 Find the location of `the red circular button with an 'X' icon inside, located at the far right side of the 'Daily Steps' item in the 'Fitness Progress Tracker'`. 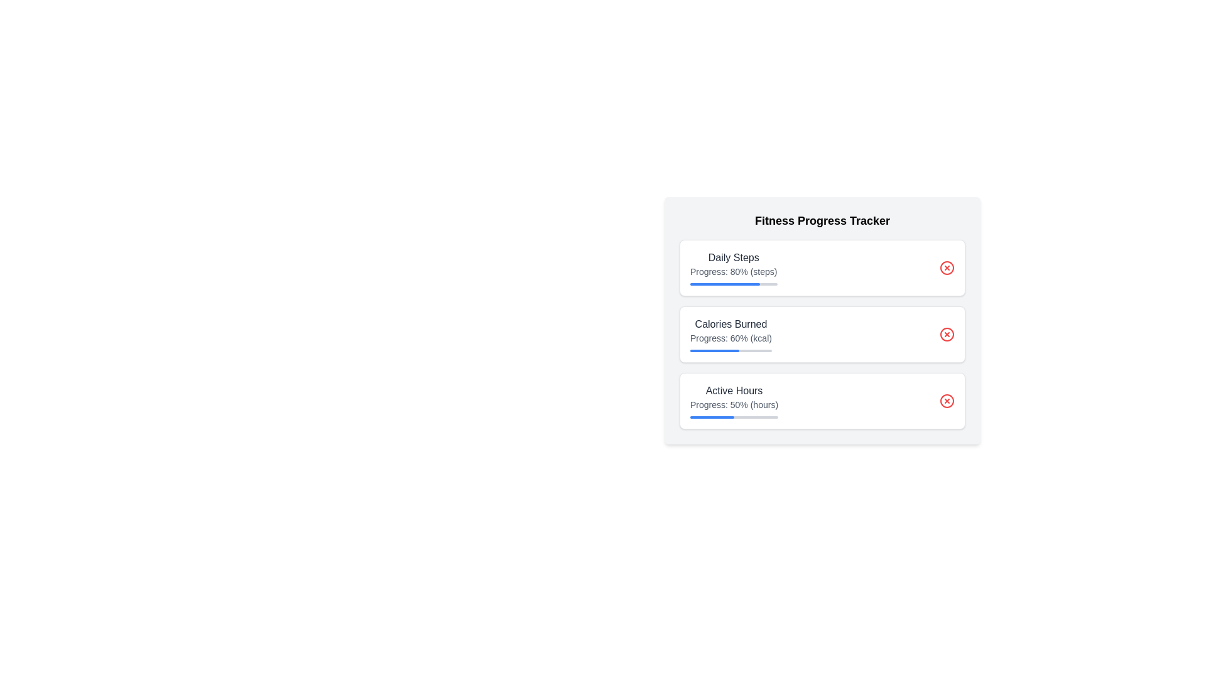

the red circular button with an 'X' icon inside, located at the far right side of the 'Daily Steps' item in the 'Fitness Progress Tracker' is located at coordinates (947, 267).